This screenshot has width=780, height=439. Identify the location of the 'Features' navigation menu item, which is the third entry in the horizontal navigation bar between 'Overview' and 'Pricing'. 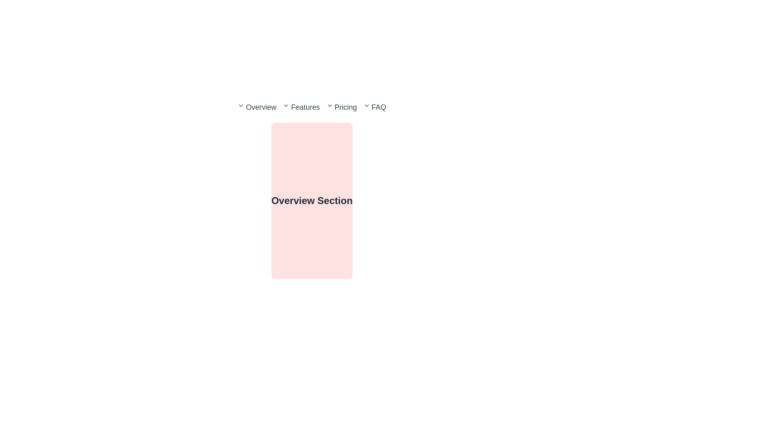
(305, 106).